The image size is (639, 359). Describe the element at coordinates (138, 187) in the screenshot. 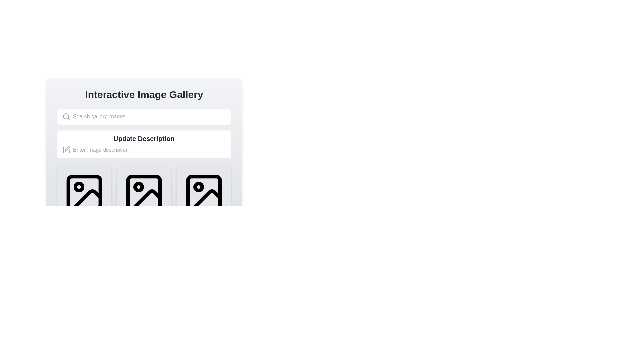

I see `the small circular decorative marker located in the upper-left quadrant of the second thumbnail icon in the gallery interface` at that location.